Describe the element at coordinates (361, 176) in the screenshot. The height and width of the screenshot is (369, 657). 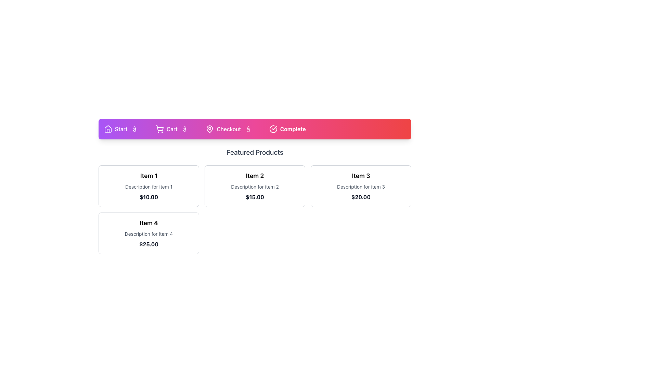
I see `bold black text label 'Item 3' displayed prominently above the description and price within the product card layout` at that location.